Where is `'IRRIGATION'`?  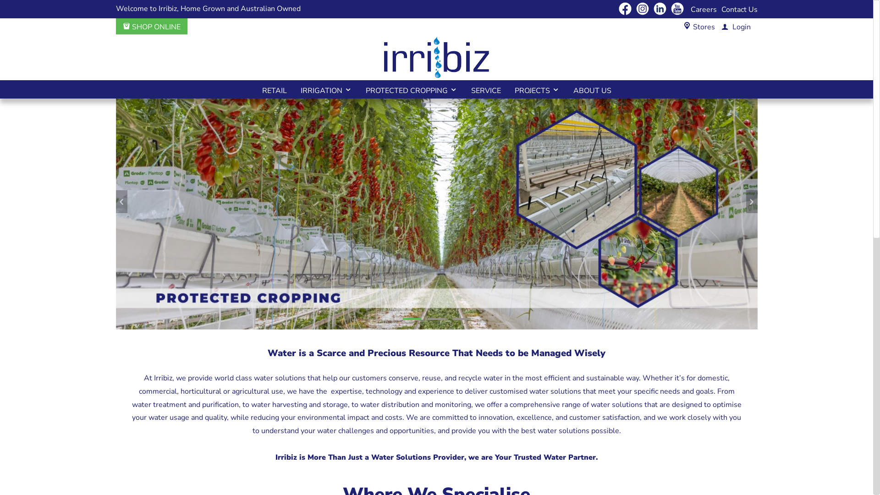
'IRRIGATION' is located at coordinates (325, 89).